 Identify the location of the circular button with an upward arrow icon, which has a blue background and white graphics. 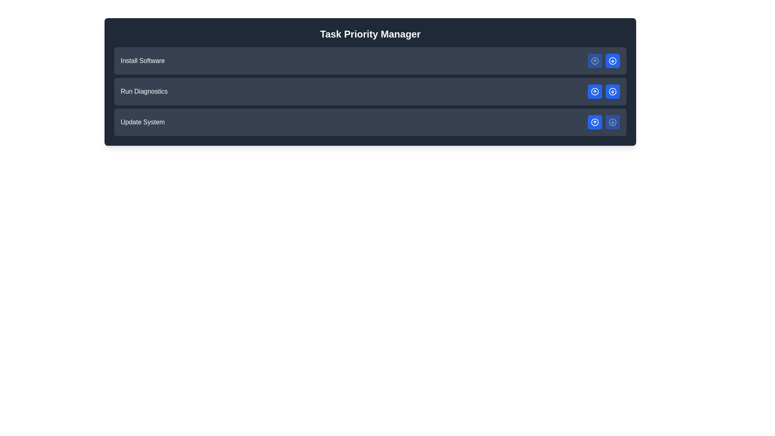
(595, 122).